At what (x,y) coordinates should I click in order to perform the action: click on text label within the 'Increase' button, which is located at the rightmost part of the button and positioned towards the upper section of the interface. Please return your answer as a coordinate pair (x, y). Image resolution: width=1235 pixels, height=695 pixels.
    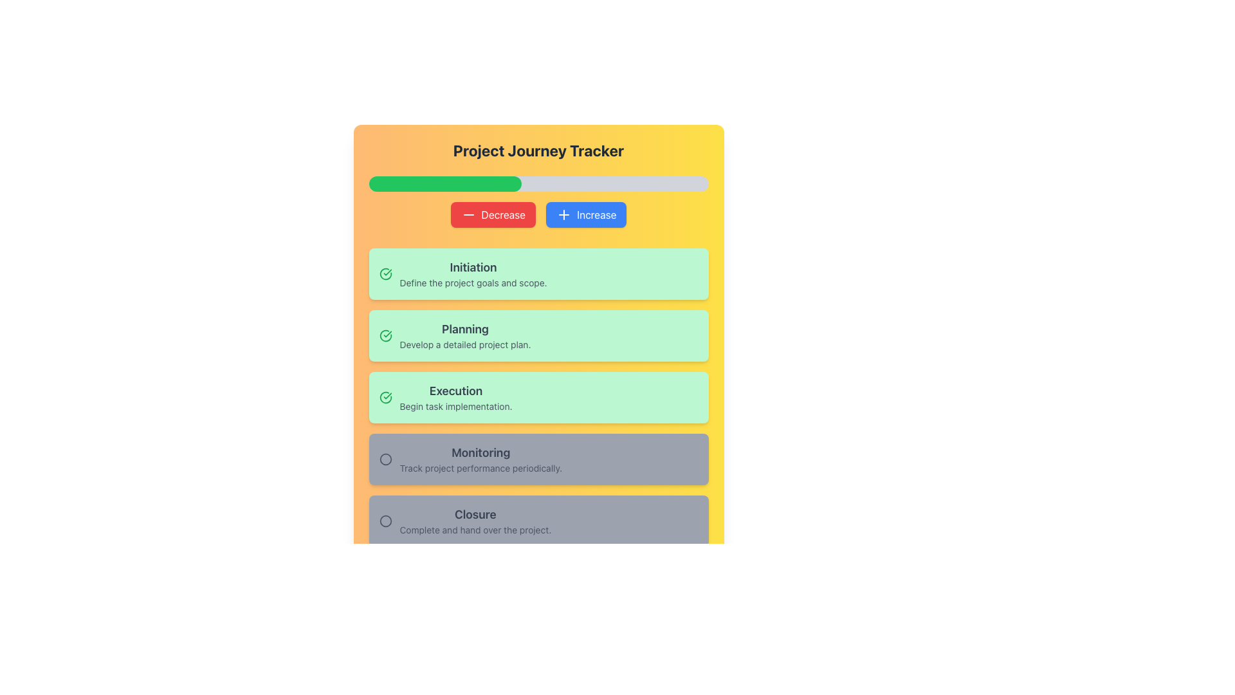
    Looking at the image, I should click on (596, 214).